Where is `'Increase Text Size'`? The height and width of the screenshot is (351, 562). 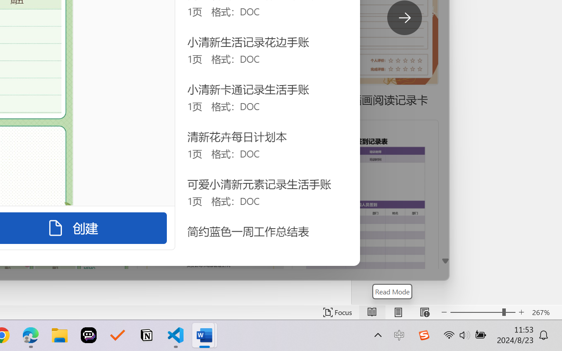 'Increase Text Size' is located at coordinates (521, 312).